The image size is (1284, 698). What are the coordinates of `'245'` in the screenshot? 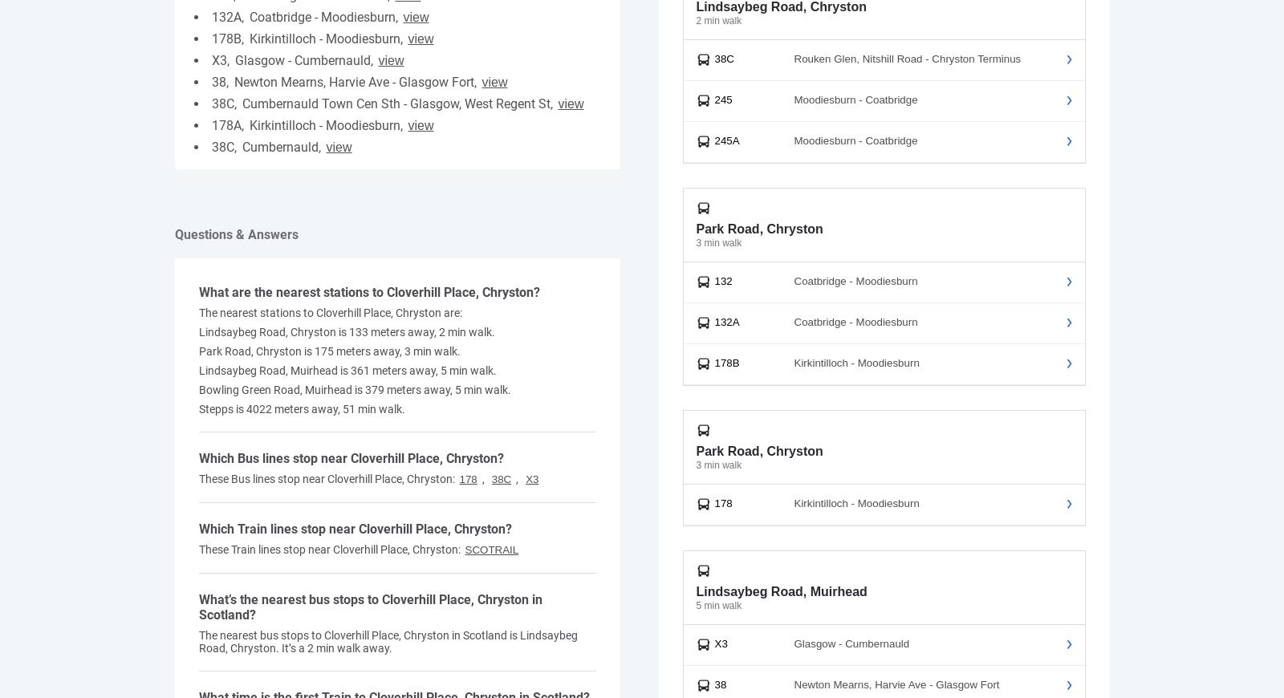 It's located at (713, 99).